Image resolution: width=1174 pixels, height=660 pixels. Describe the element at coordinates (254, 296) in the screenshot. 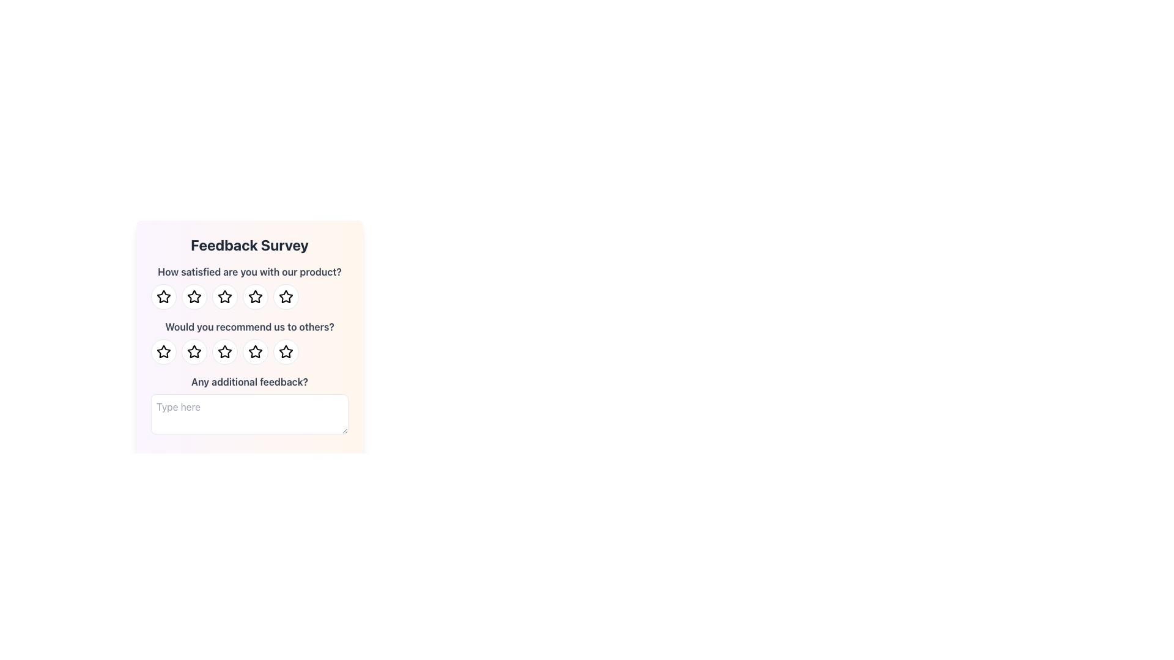

I see `the third star icon, which is styled with a hollow outline, located in the survey section under the 'How satisfied are you with our product?' question` at that location.